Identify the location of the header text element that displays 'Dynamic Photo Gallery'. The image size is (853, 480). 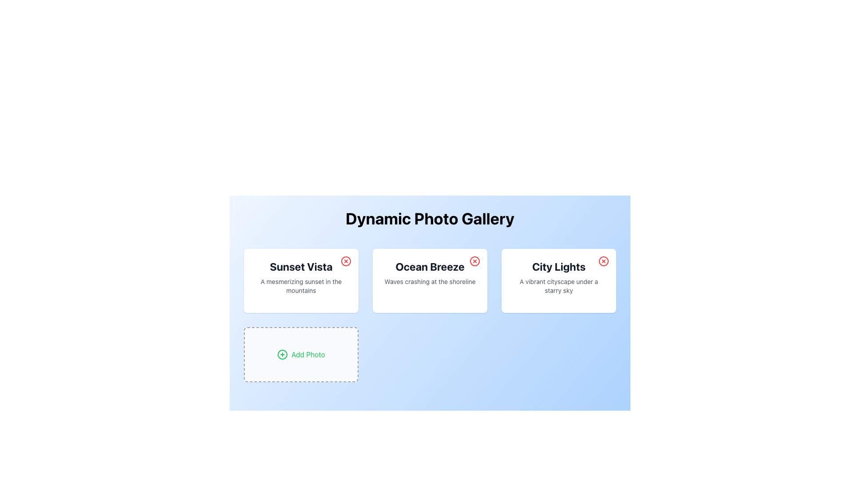
(430, 219).